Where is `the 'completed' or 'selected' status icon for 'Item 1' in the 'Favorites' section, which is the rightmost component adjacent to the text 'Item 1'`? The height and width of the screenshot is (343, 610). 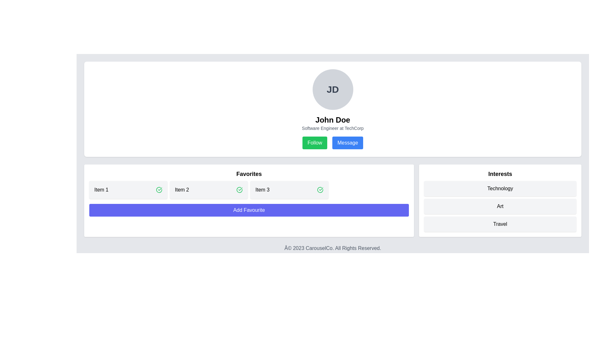
the 'completed' or 'selected' status icon for 'Item 1' in the 'Favorites' section, which is the rightmost component adjacent to the text 'Item 1' is located at coordinates (159, 189).